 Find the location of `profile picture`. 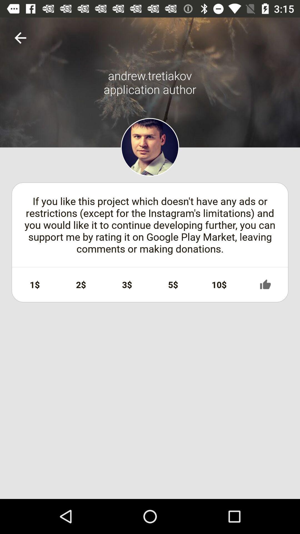

profile picture is located at coordinates (150, 147).